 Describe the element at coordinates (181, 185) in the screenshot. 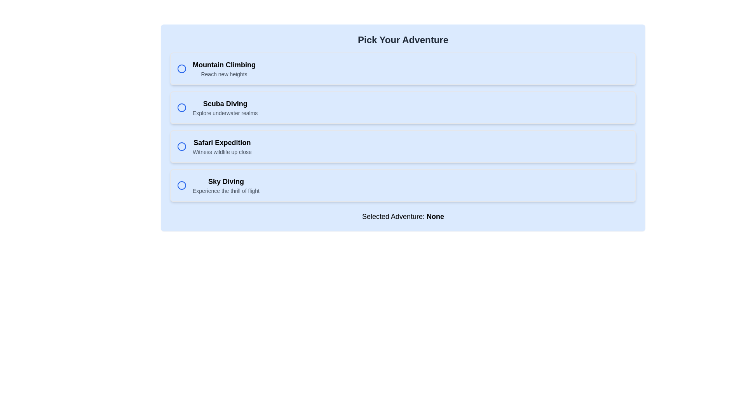

I see `the Circle icon with a blue outline and white fill located at the beginning of the 'Sky Diving' list option` at that location.